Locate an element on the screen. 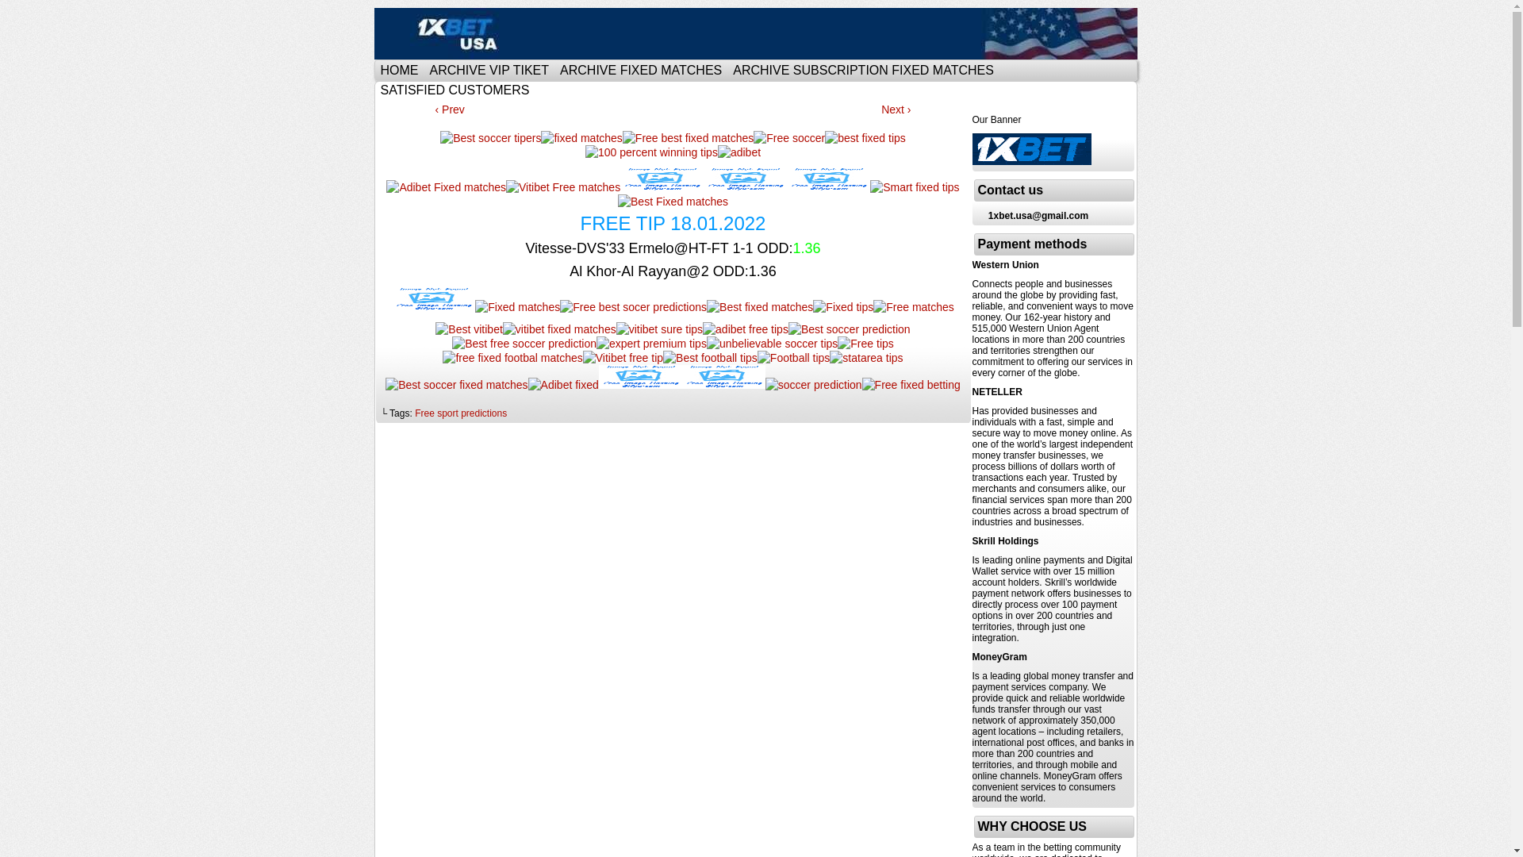 This screenshot has width=1523, height=857. 'soccer prediction' is located at coordinates (814, 385).